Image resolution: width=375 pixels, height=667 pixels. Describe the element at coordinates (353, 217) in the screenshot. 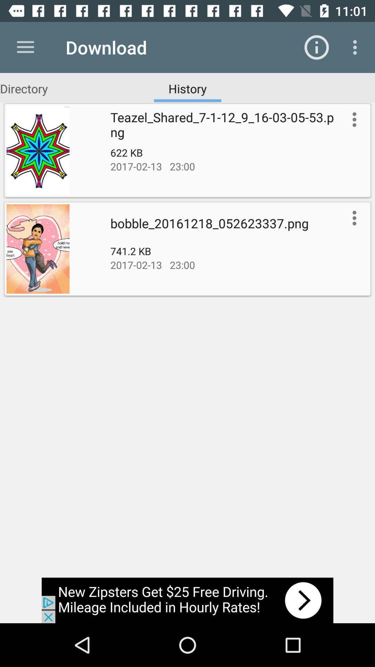

I see `show more options` at that location.